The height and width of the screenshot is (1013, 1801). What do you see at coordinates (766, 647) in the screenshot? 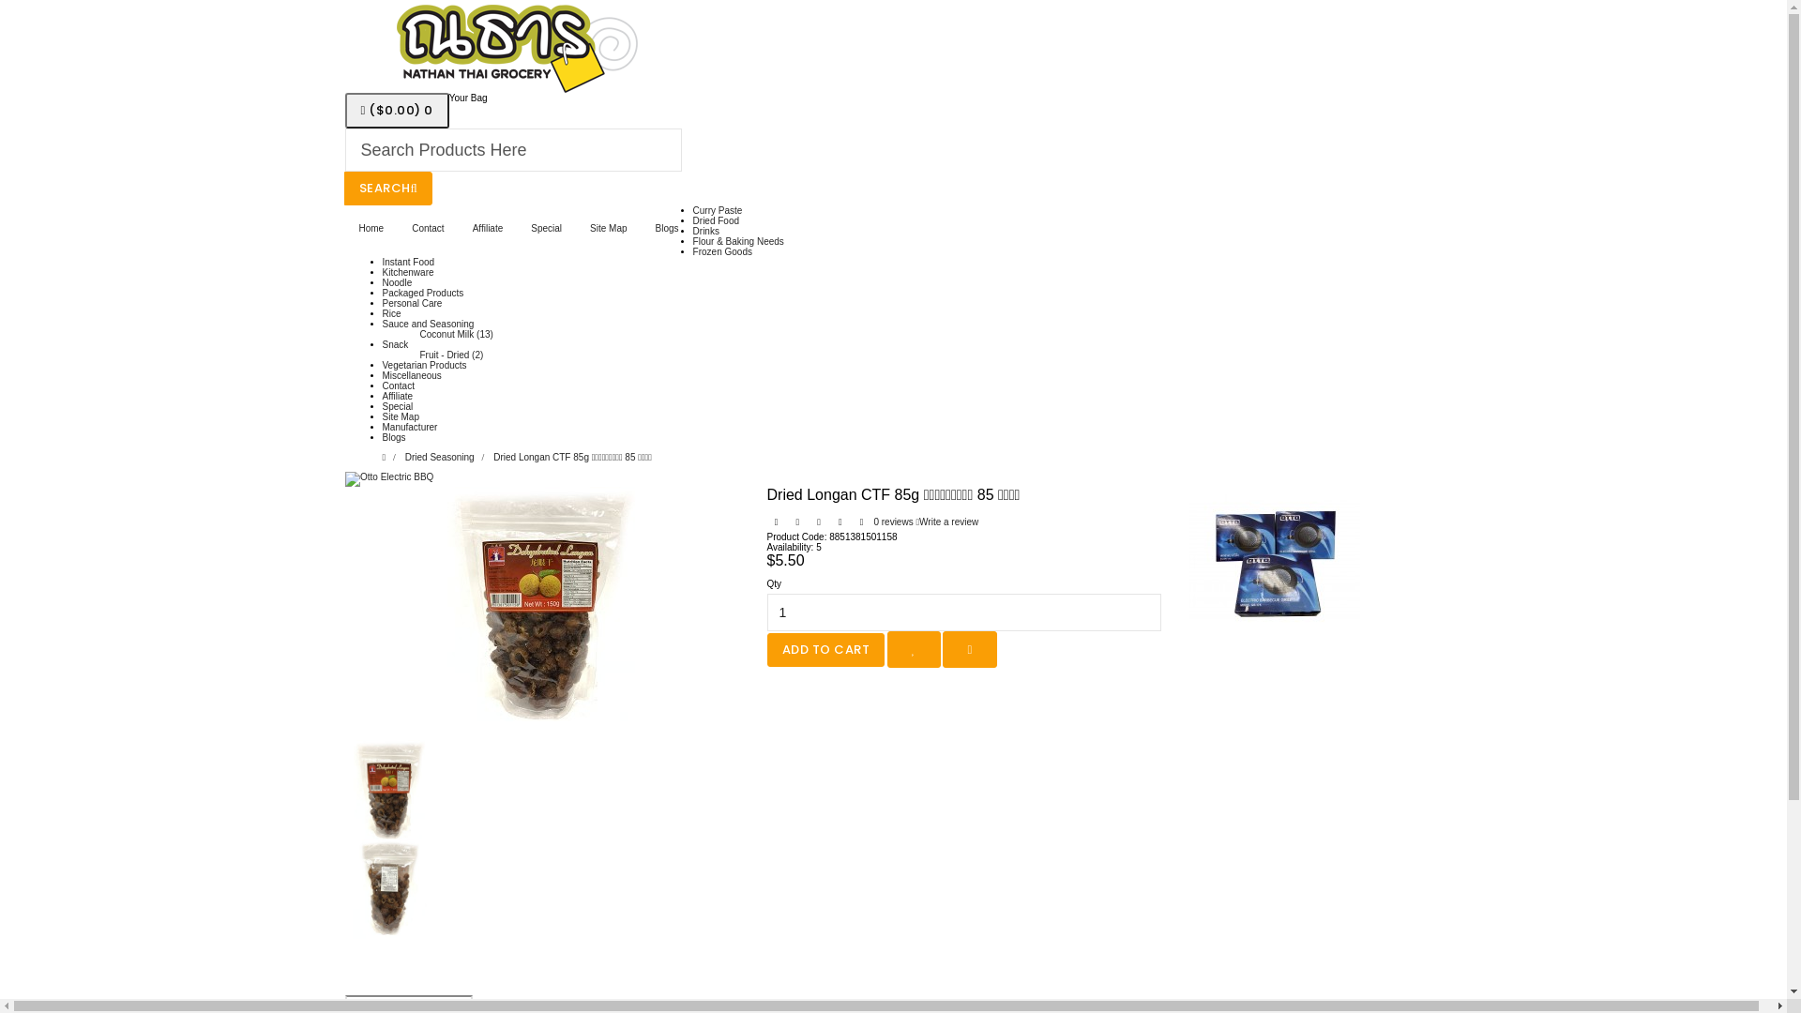
I see `'ADD TO CART'` at bounding box center [766, 647].